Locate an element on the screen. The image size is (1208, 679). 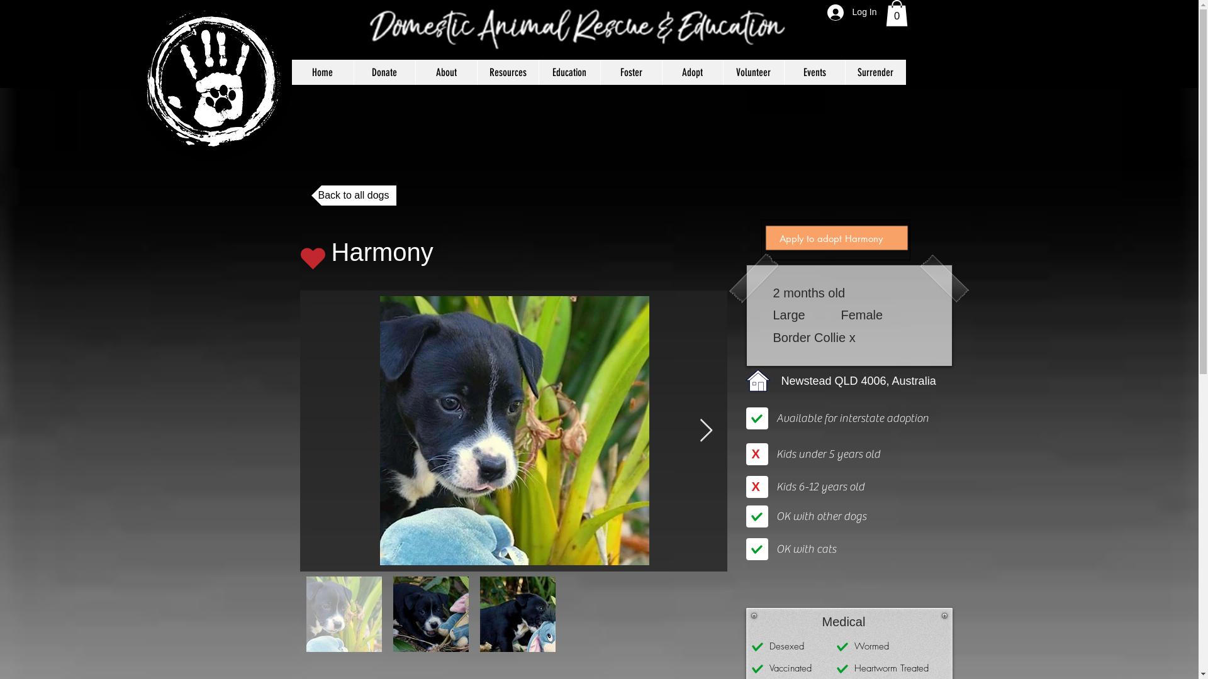
'Donate' is located at coordinates (383, 72).